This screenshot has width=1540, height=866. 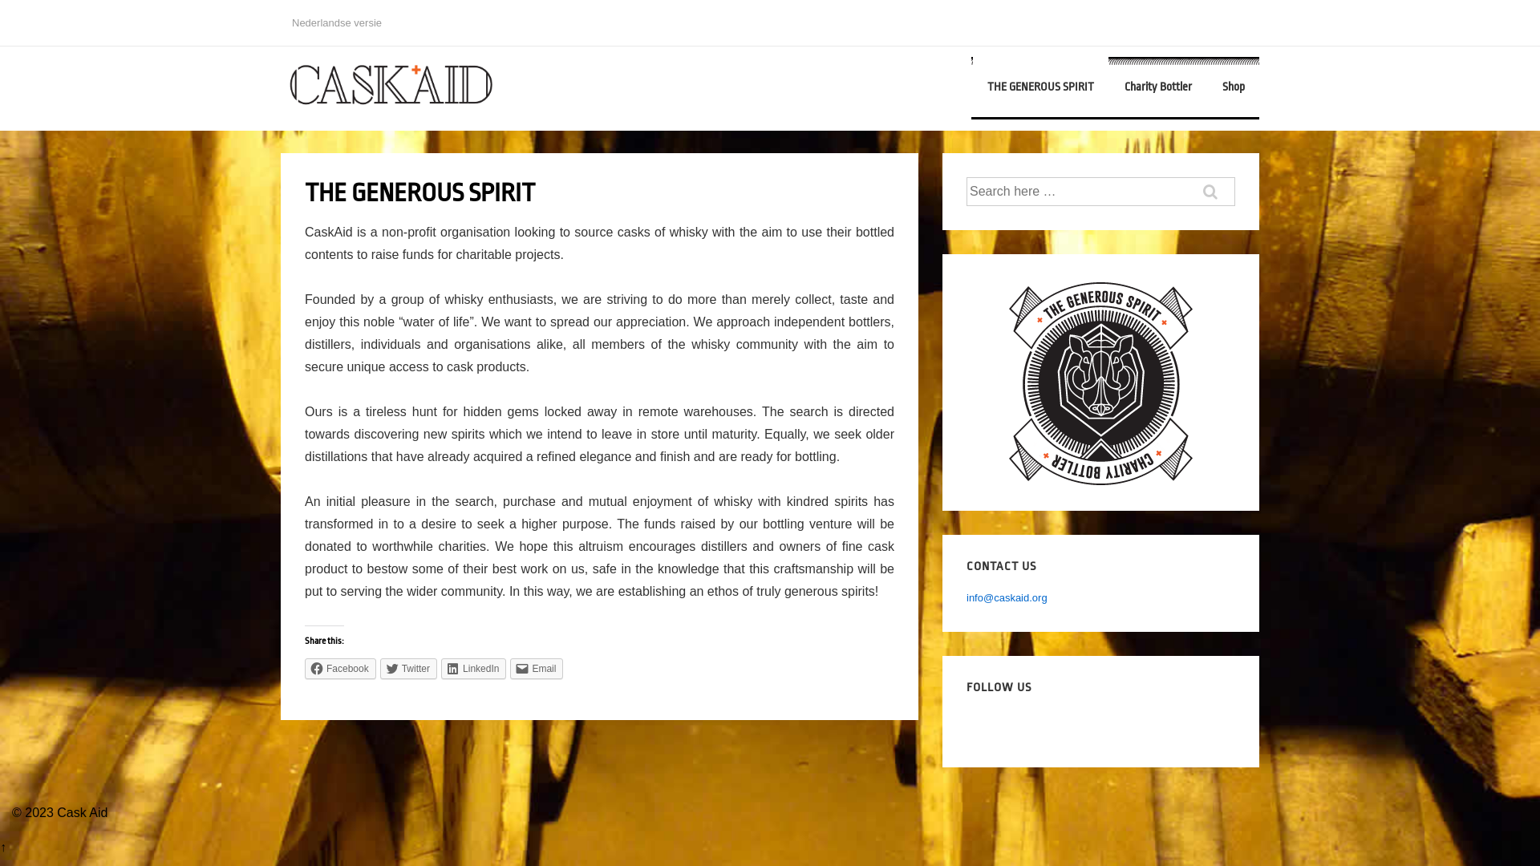 I want to click on 'Twitter', so click(x=408, y=668).